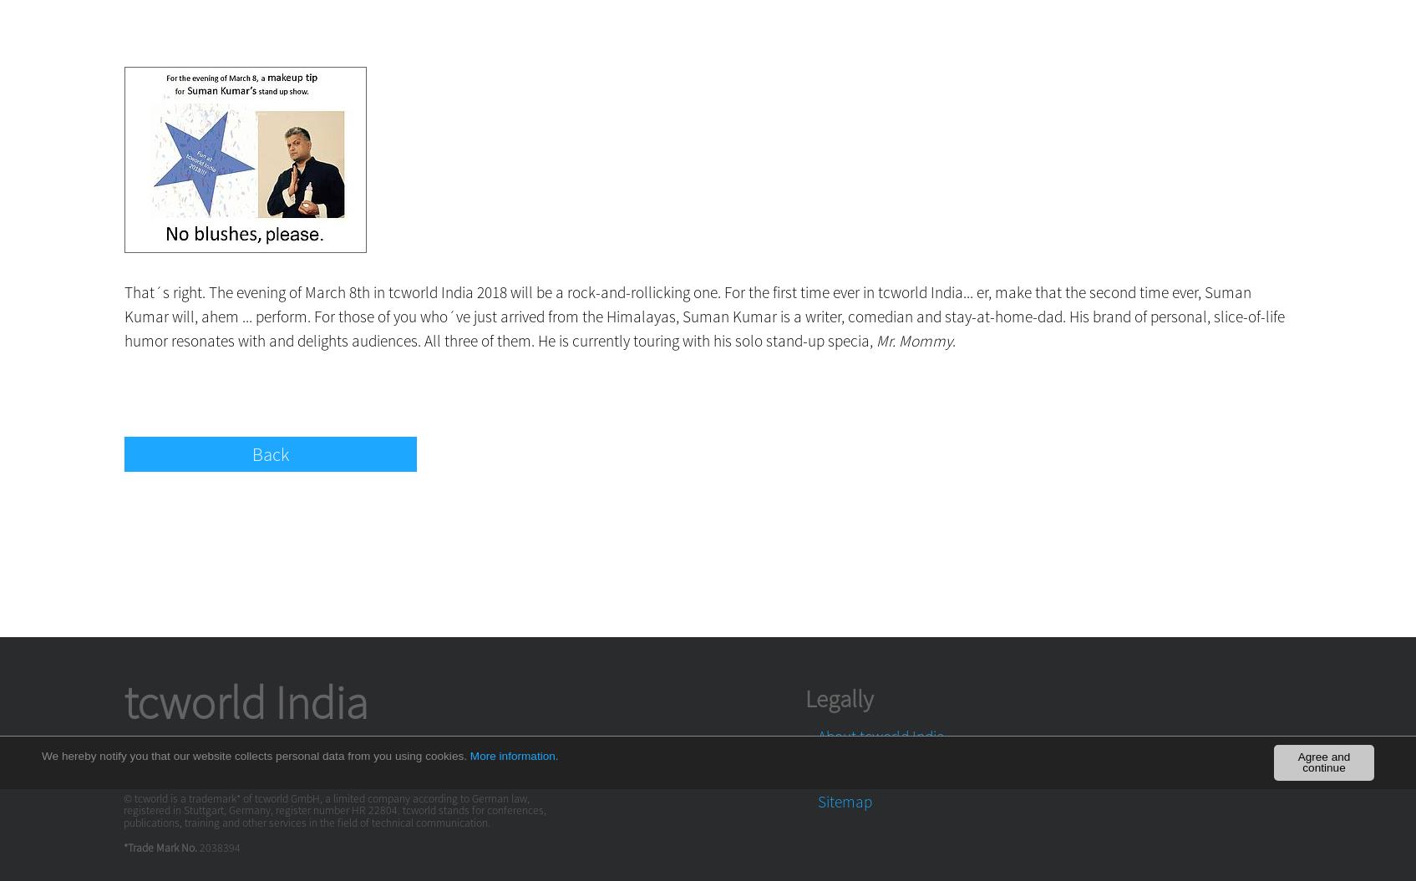 This screenshot has height=881, width=1416. What do you see at coordinates (844, 800) in the screenshot?
I see `'Sitemap'` at bounding box center [844, 800].